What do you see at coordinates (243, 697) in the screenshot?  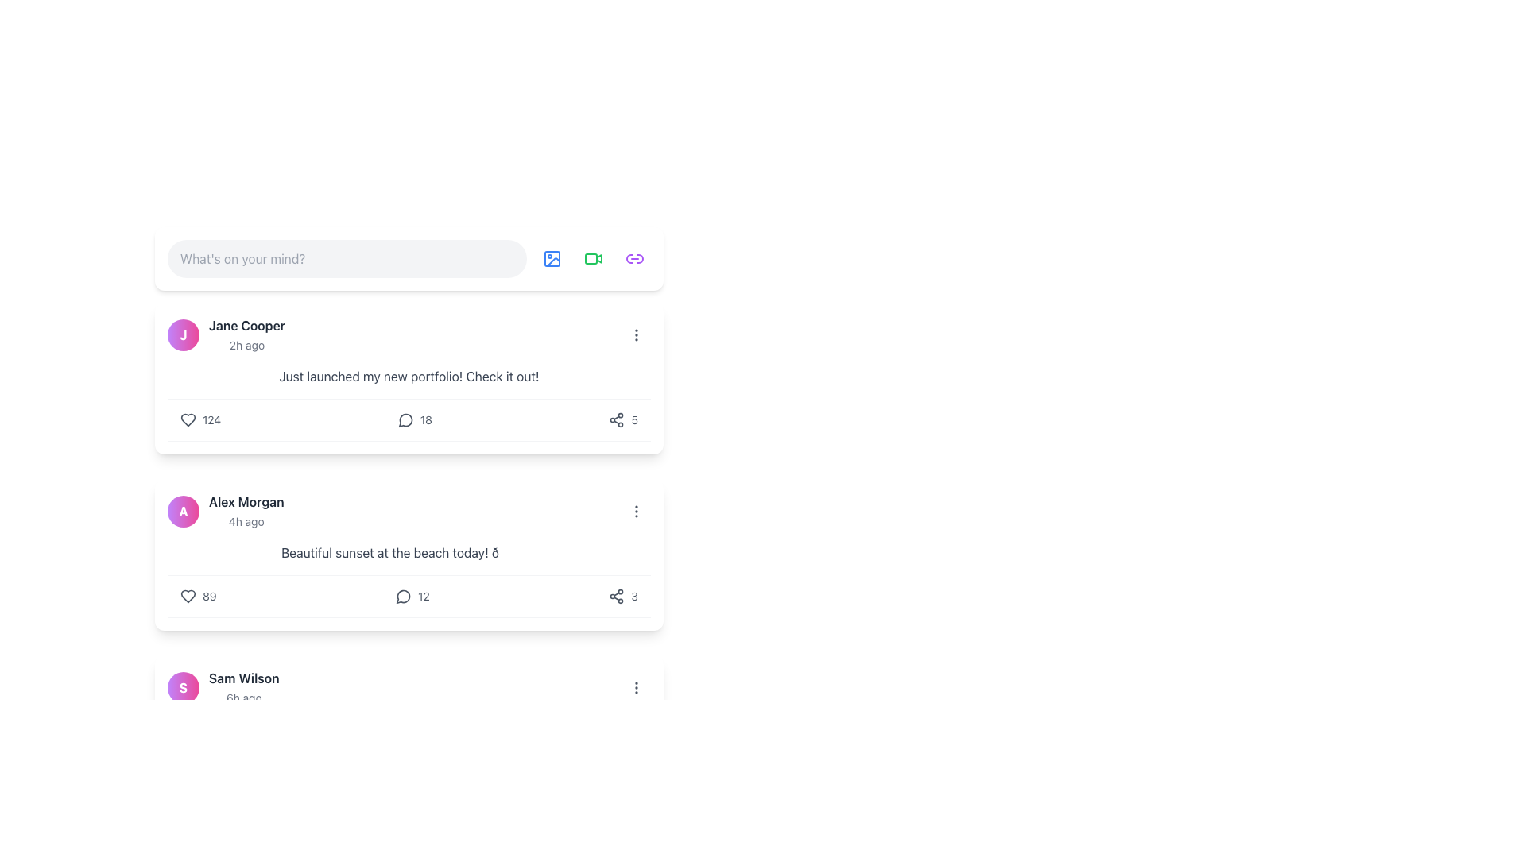 I see `the small text label displaying '6h ago' that is styled in light gray and located beneath the 'Sam Wilson' label` at bounding box center [243, 697].